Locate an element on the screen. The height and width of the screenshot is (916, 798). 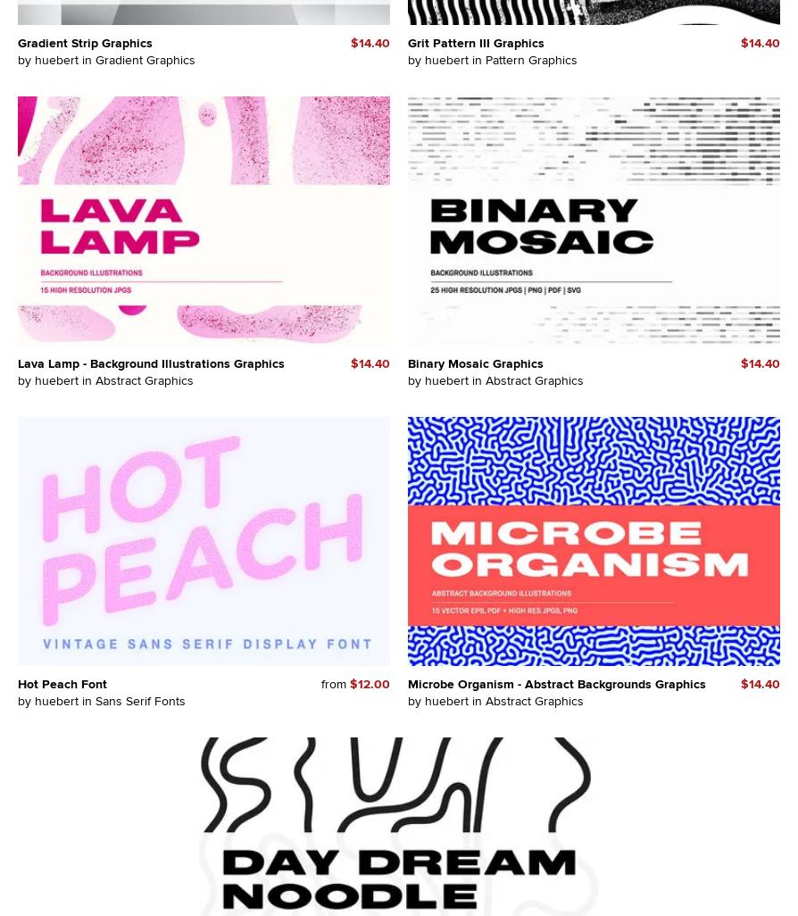
'Gradient Graphics' is located at coordinates (145, 58).